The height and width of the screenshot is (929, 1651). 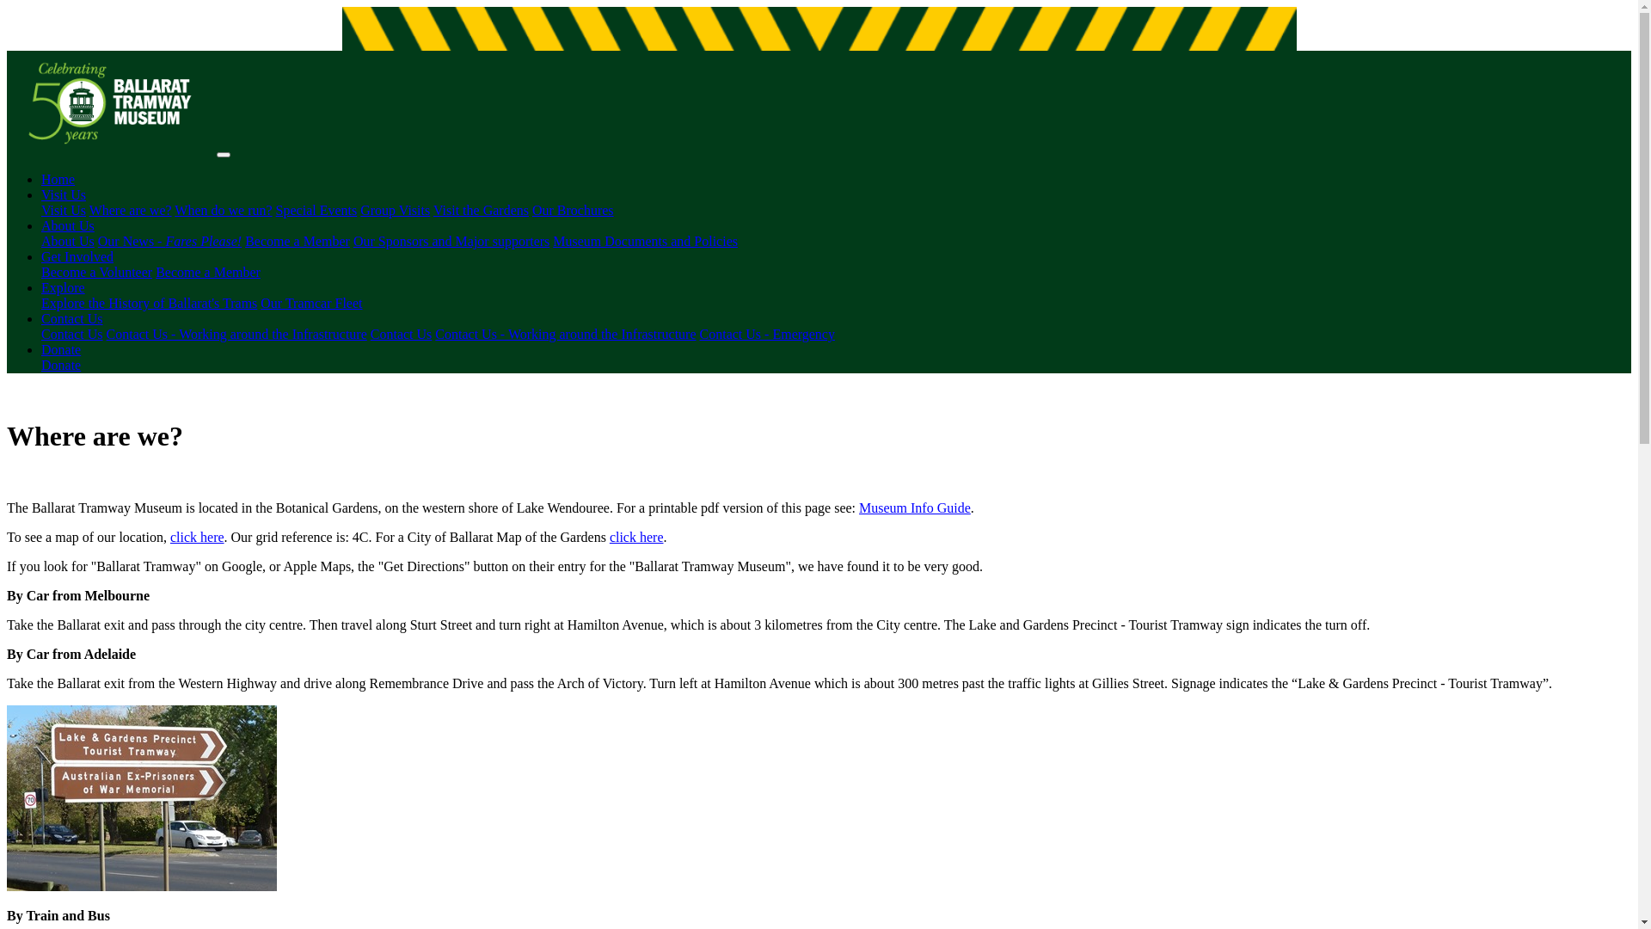 I want to click on 'Visit Us', so click(x=63, y=194).